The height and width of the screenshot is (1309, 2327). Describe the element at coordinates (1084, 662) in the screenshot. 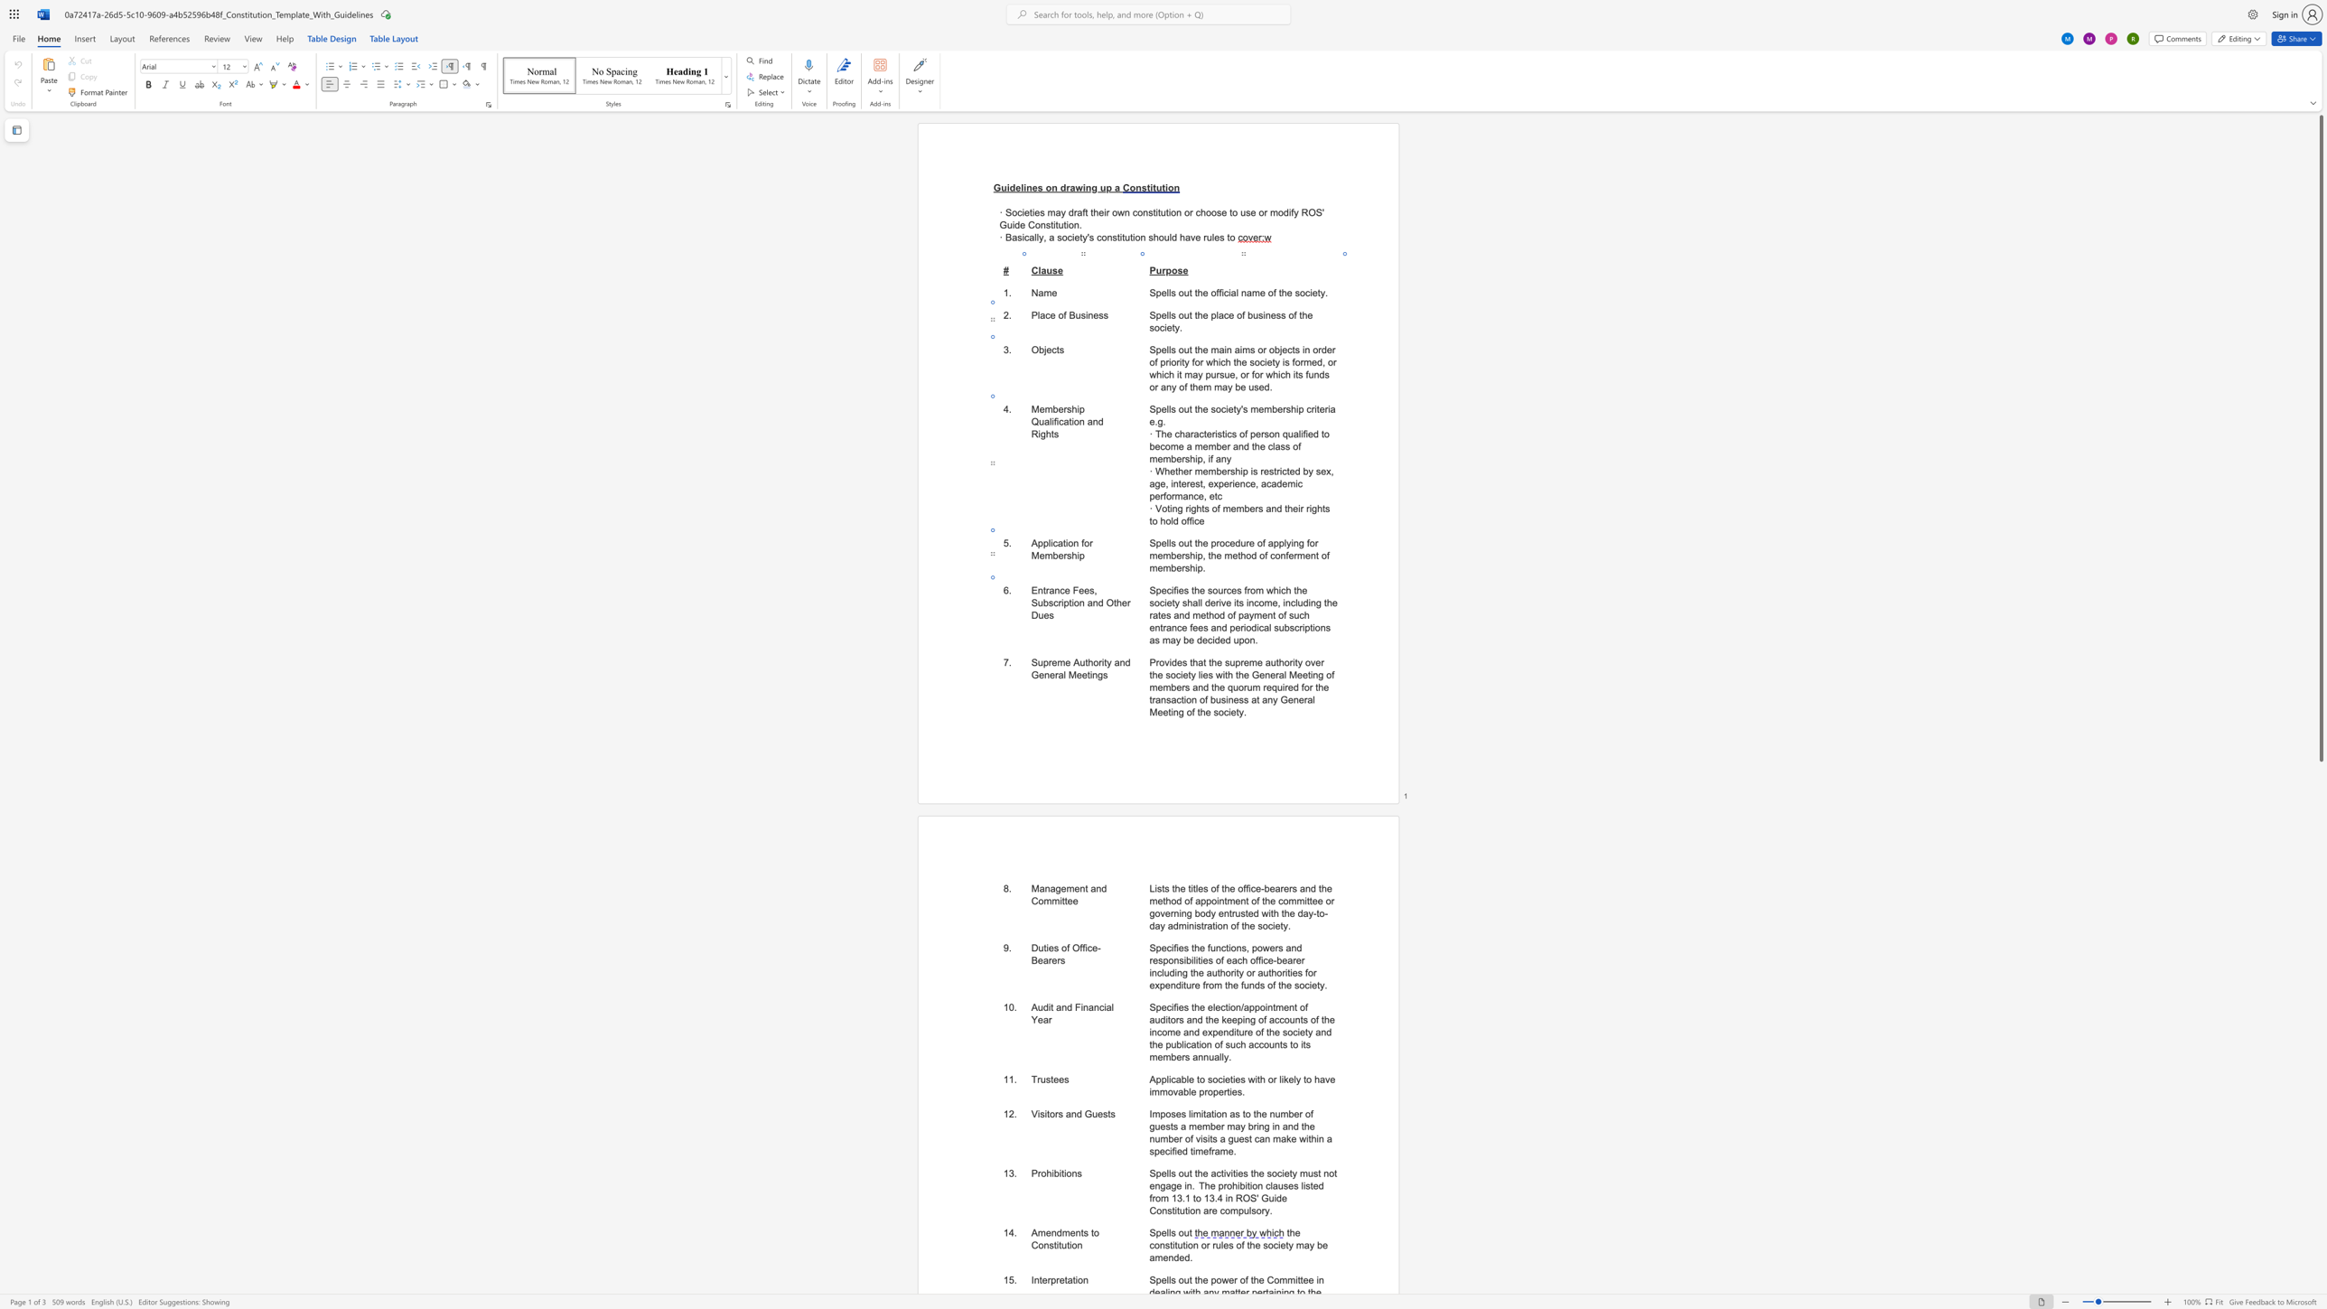

I see `the space between the continuous character "u" and "t" in the text` at that location.